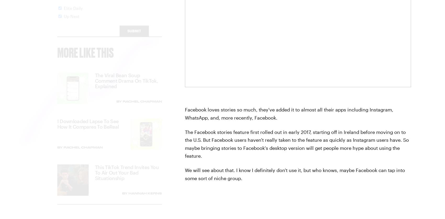 Image resolution: width=445 pixels, height=219 pixels. Describe the element at coordinates (64, 13) in the screenshot. I see `'Elite Daily'` at that location.